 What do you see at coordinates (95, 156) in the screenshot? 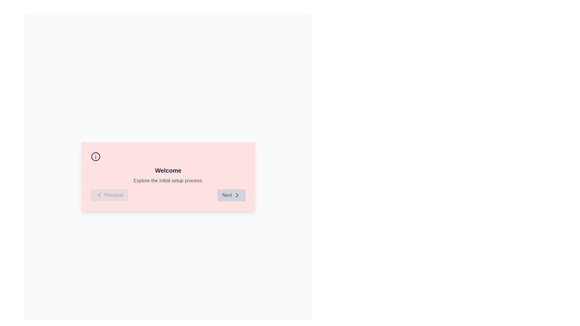
I see `the informational icon located at the upper-left corner of the card-like panel` at bounding box center [95, 156].